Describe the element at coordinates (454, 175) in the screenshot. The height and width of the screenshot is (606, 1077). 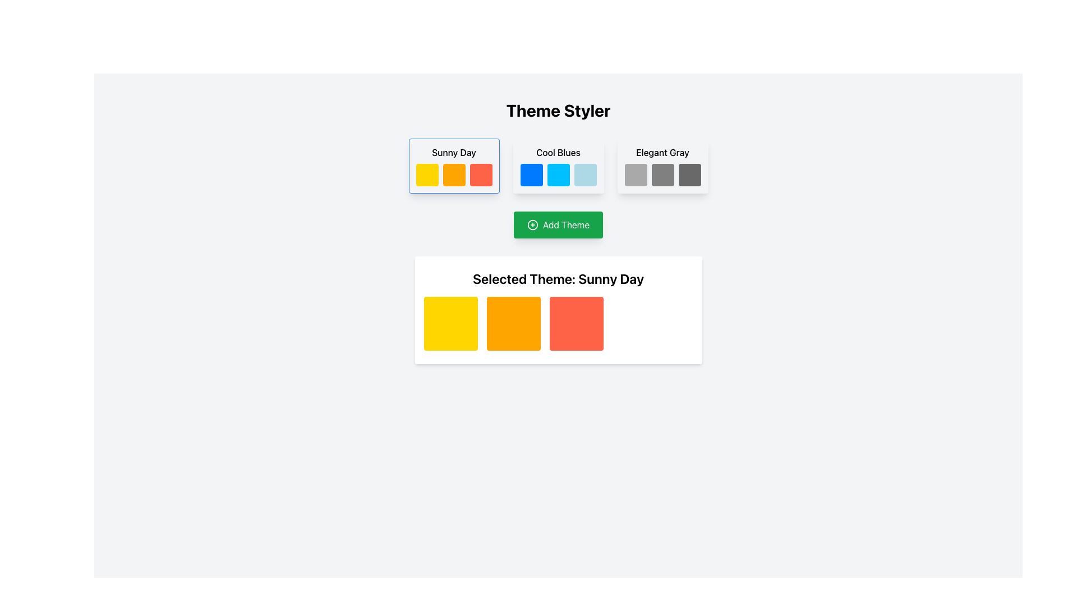
I see `the second color box in the 'Sunny Day' theme, which represents a middle-tier color option` at that location.